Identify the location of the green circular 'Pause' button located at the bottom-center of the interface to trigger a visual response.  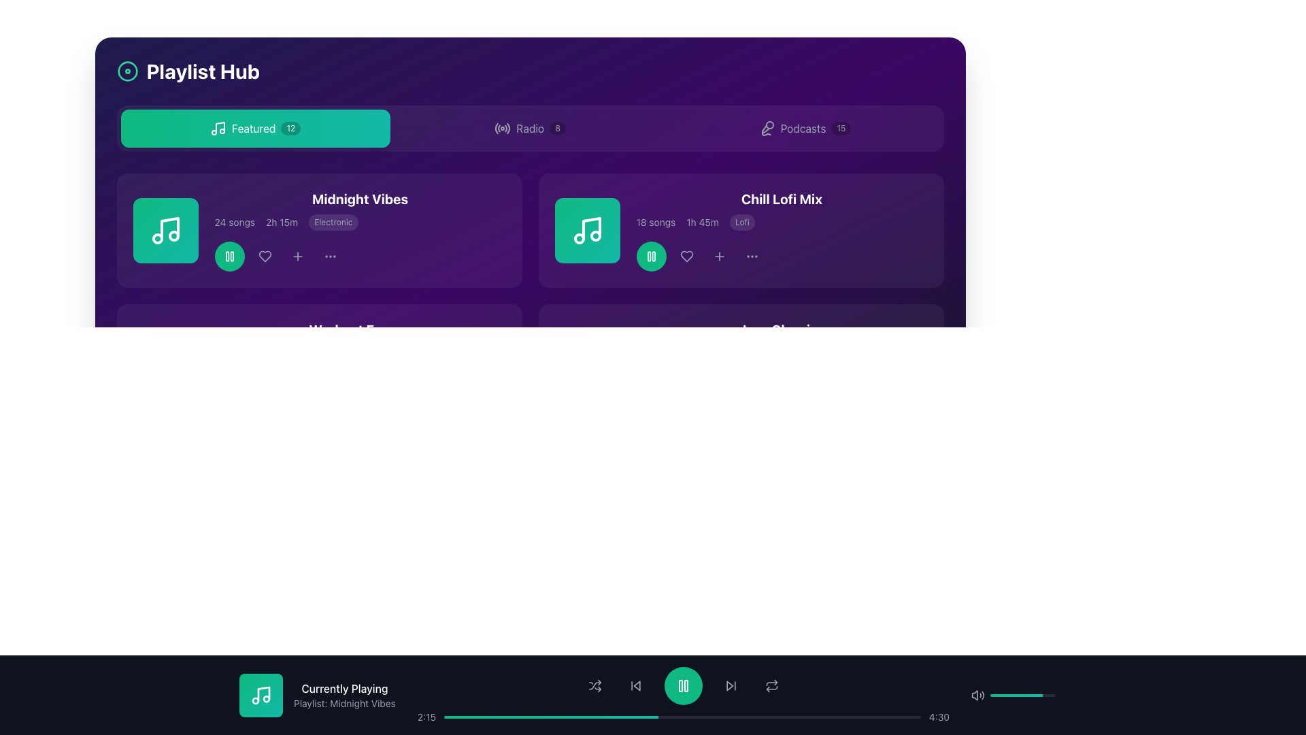
(650, 387).